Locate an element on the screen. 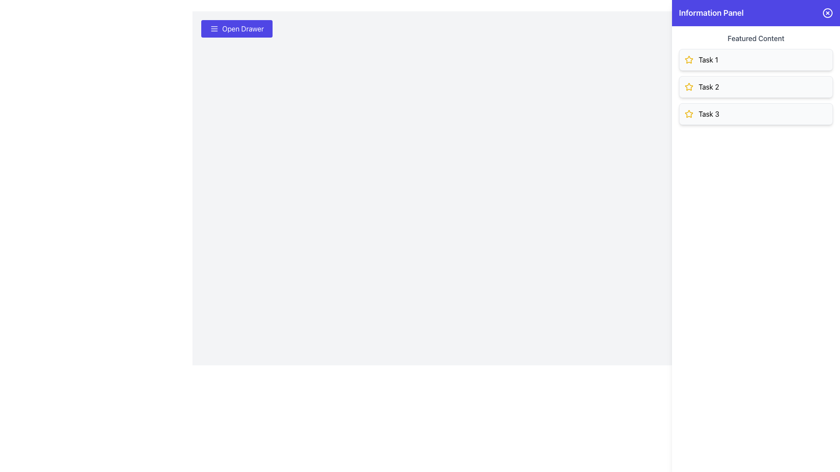 The image size is (840, 472). the 'Task 3' text label located in the third row of the list under the 'Featured Content' section on the right-hand panel to interact with its related functionality is located at coordinates (709, 114).